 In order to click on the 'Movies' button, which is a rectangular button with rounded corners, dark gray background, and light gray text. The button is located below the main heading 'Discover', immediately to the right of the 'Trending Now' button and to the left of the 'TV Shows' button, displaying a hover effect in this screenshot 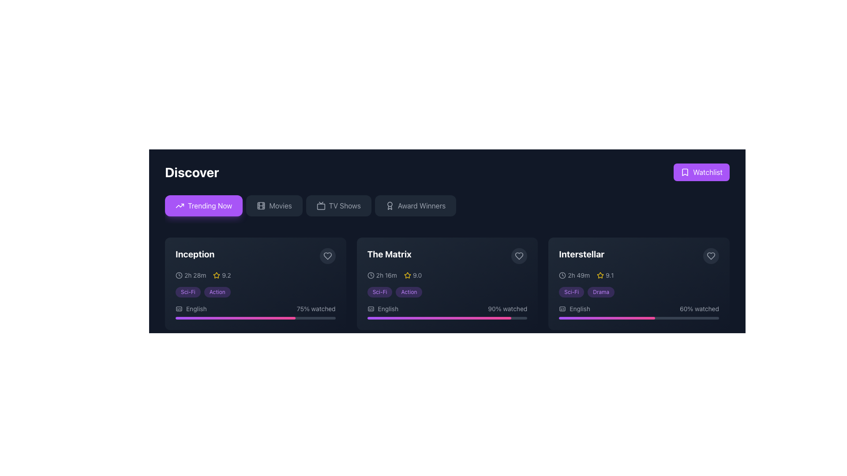, I will do `click(274, 205)`.